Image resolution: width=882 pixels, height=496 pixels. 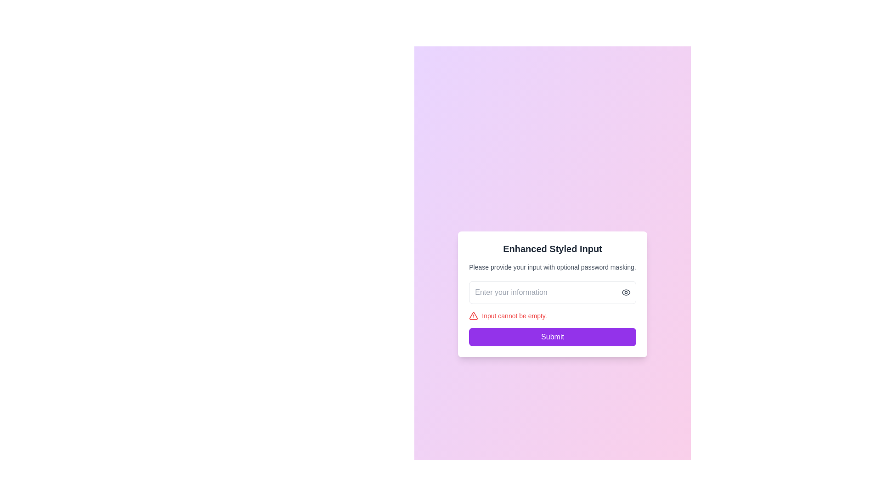 What do you see at coordinates (552, 315) in the screenshot?
I see `warning message displayed in red color stating 'Input cannot be empty.' located below the input field and above the 'Submit' button` at bounding box center [552, 315].